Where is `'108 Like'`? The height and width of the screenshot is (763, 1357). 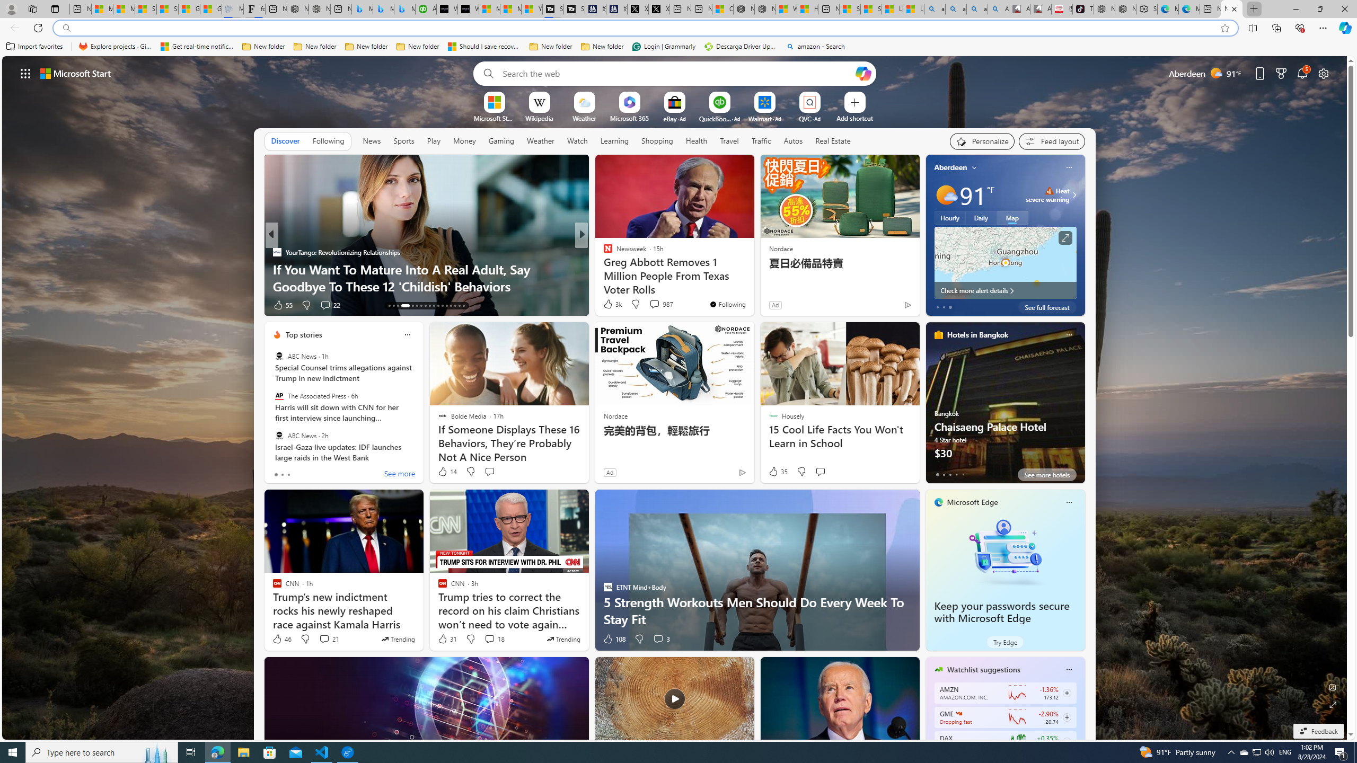
'108 Like' is located at coordinates (613, 639).